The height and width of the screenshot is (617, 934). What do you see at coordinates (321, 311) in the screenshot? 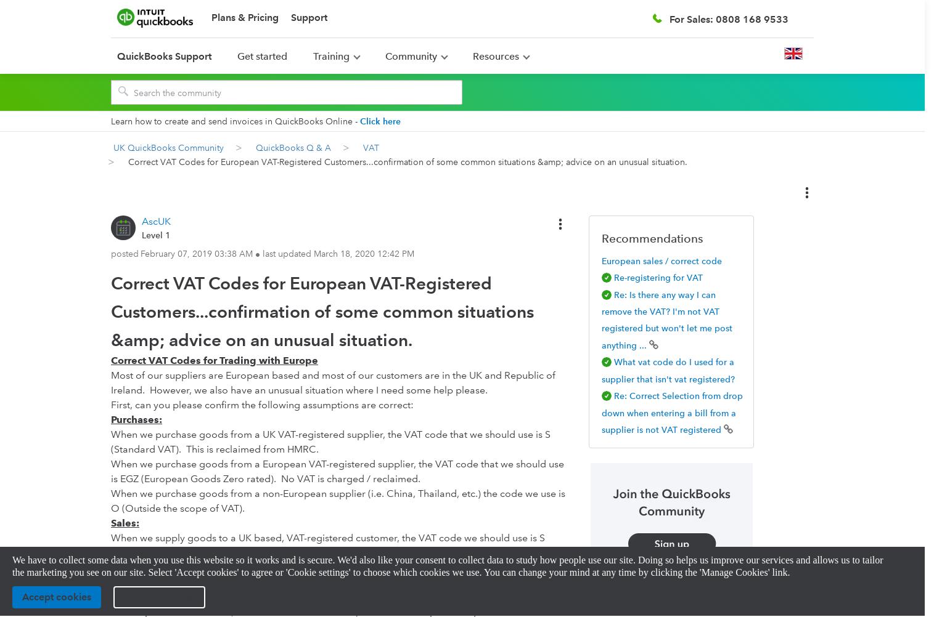
I see `'Correct VAT Codes for European VAT-Registered Customers...confirmation of some common situations &amp; advice on an unusual situation.'` at bounding box center [321, 311].